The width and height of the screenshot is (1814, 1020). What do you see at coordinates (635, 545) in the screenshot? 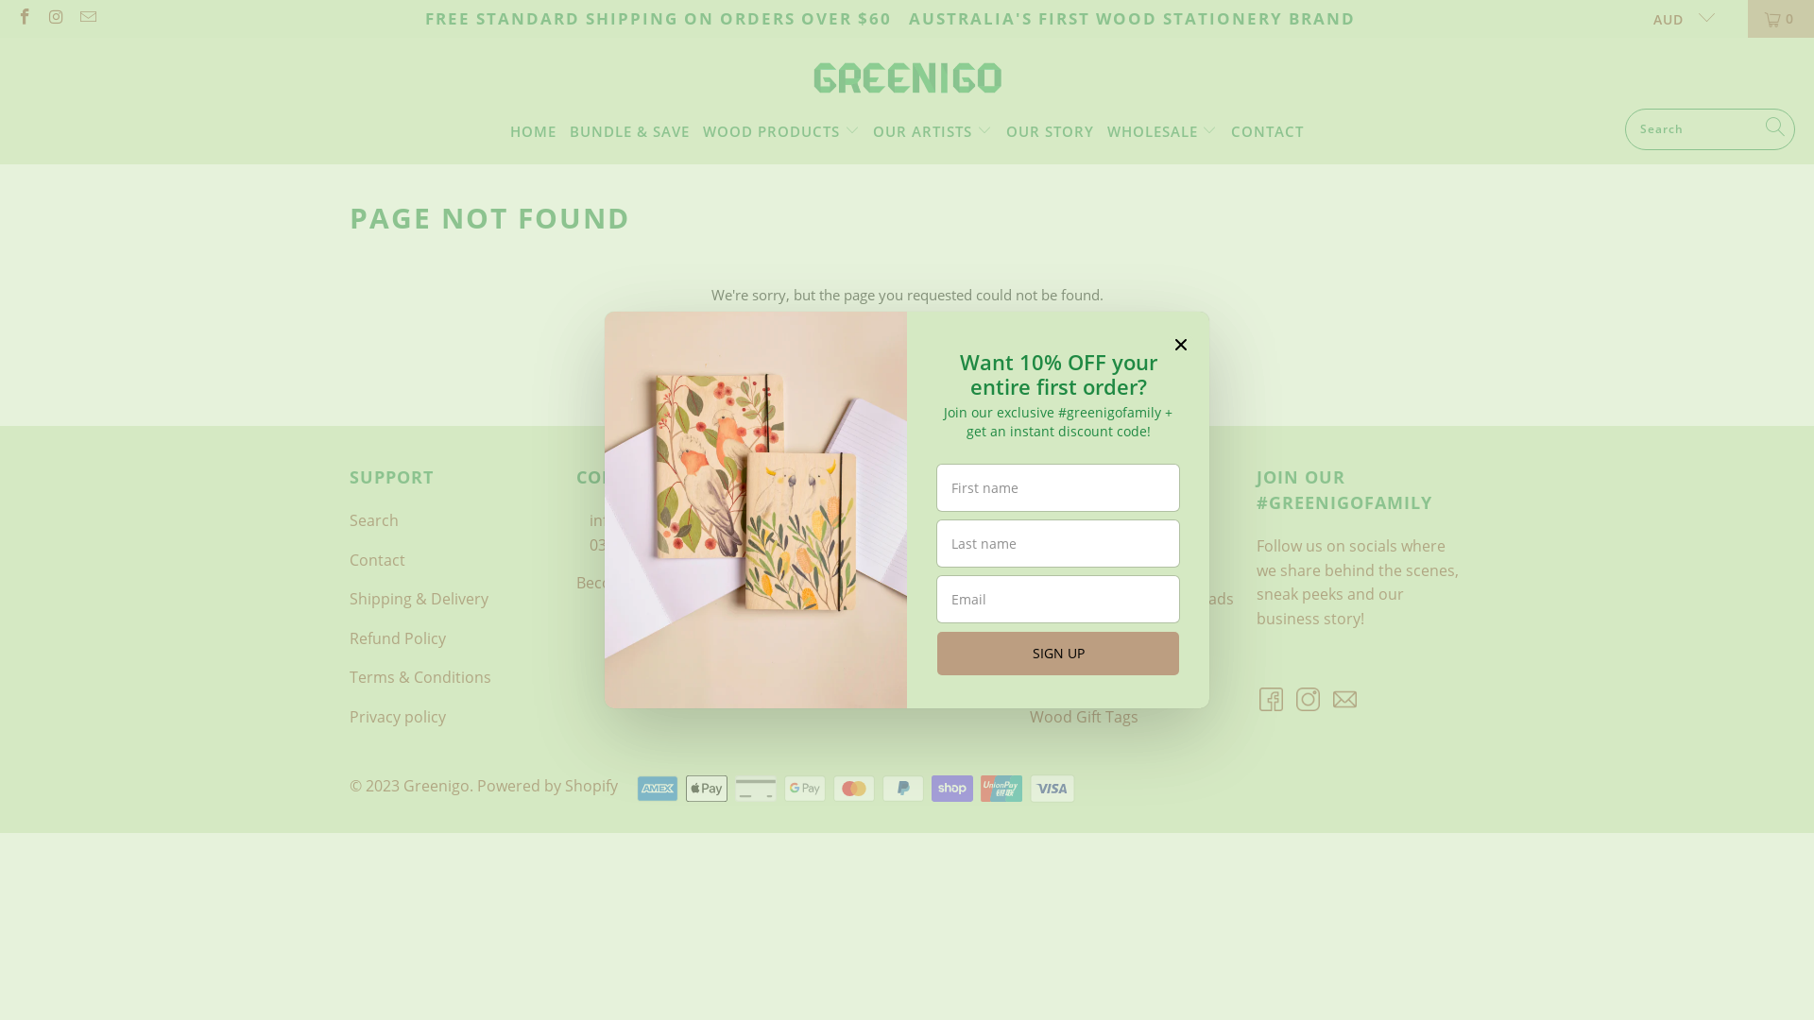
I see `'03 8375 9171'` at bounding box center [635, 545].